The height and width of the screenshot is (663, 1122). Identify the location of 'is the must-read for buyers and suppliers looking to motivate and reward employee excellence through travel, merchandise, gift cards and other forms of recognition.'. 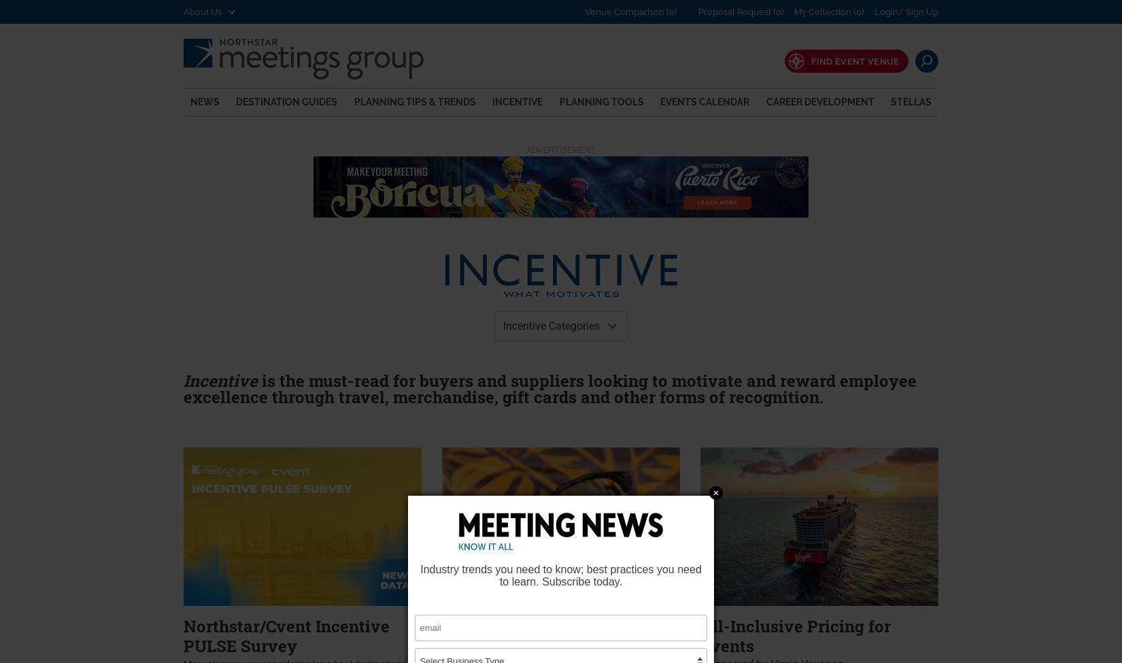
(549, 387).